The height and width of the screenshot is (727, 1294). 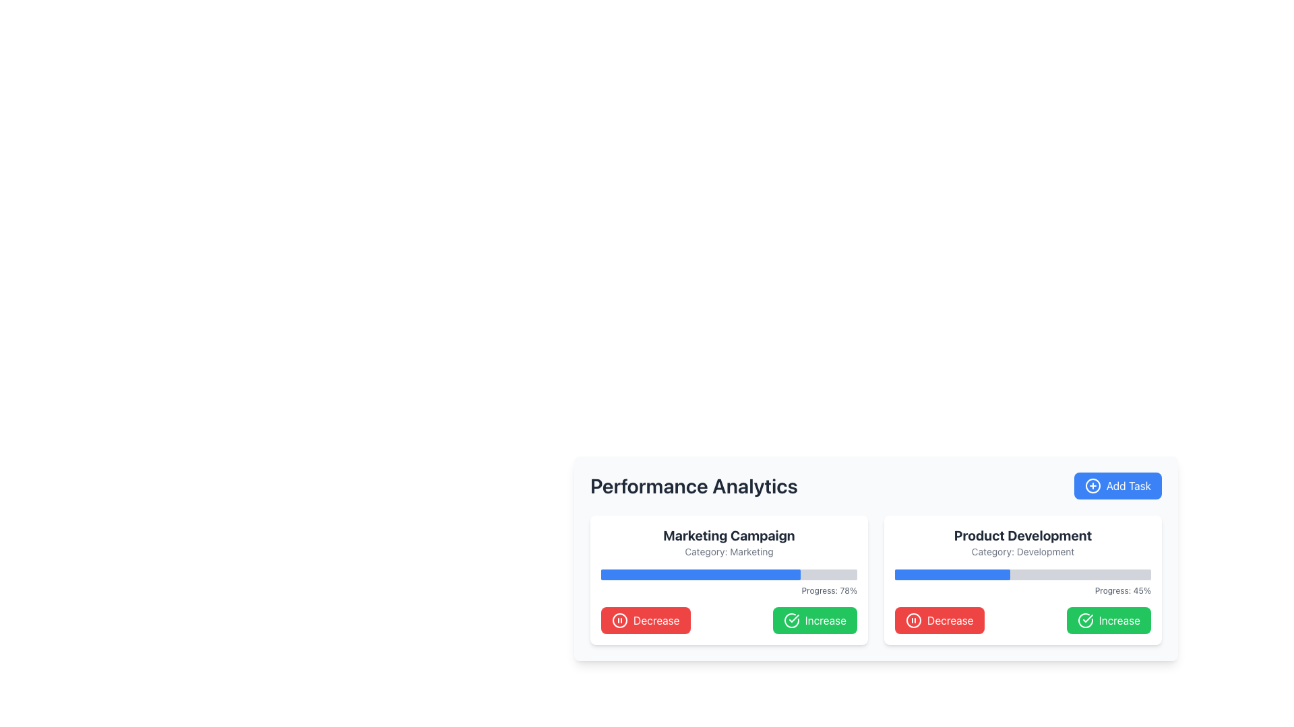 I want to click on the 'Increase' button located in the 'Marketing Campaign' section of the 'Performance Analytics' card, so click(x=814, y=620).